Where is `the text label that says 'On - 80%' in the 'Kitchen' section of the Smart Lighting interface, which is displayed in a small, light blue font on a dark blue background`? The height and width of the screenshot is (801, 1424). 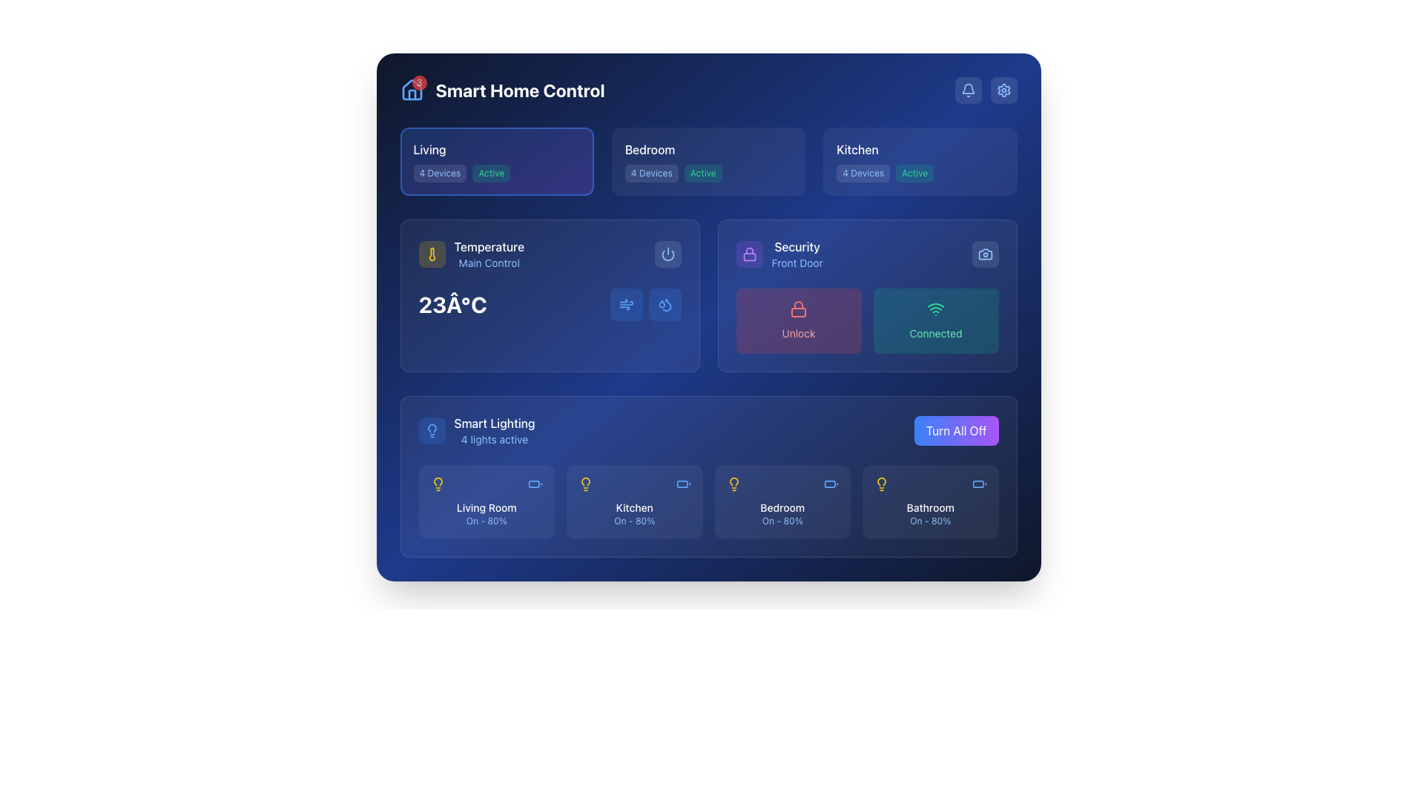
the text label that says 'On - 80%' in the 'Kitchen' section of the Smart Lighting interface, which is displayed in a small, light blue font on a dark blue background is located at coordinates (634, 520).